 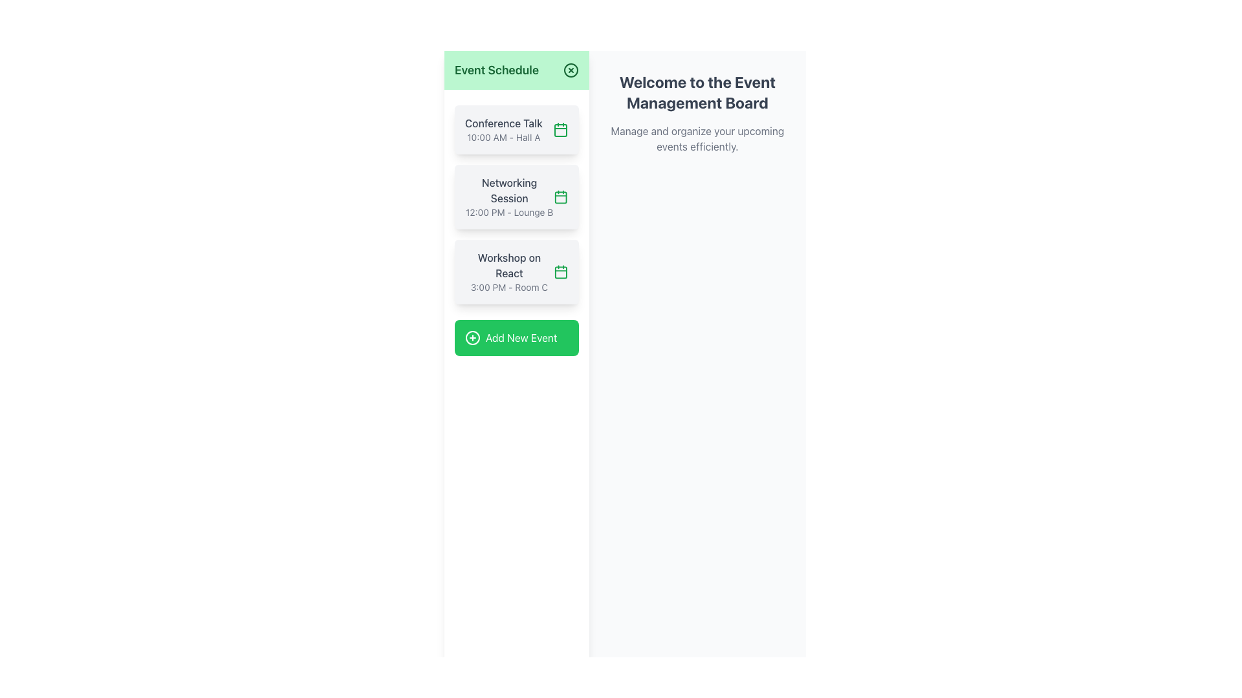 I want to click on the close button in the top-right corner of the 'Event Schedule' section, so click(x=570, y=70).